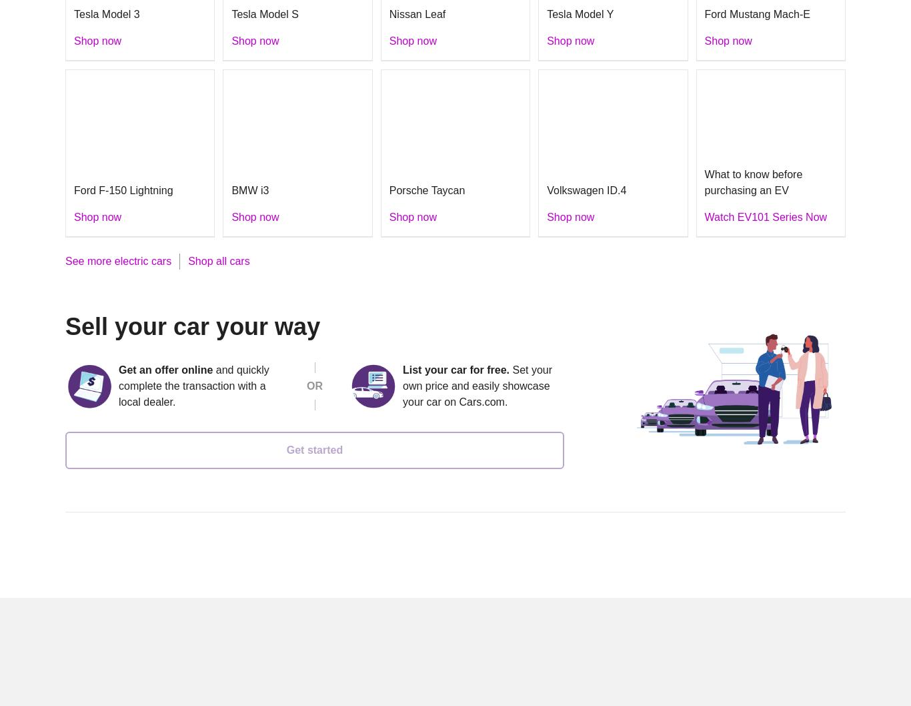 The width and height of the screenshot is (911, 706). I want to click on 'Shop all cars', so click(187, 260).